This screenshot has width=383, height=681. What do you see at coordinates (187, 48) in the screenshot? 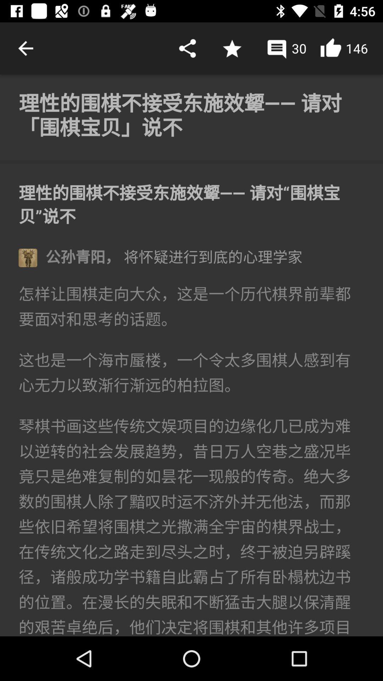
I see `share` at bounding box center [187, 48].